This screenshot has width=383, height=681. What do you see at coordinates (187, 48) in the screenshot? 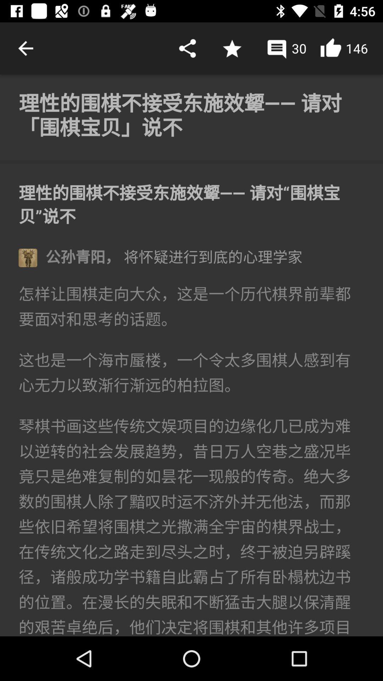
I see `share` at bounding box center [187, 48].